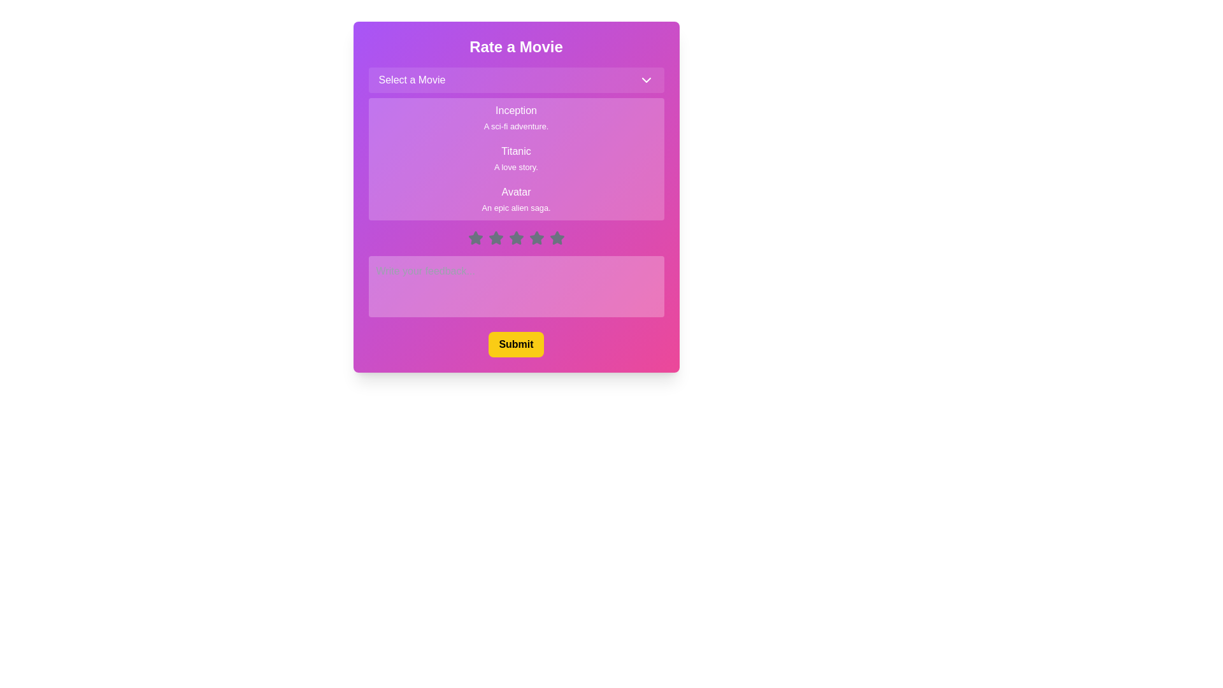  I want to click on the second star icon in the 'Rate a Movie' section, so click(495, 238).